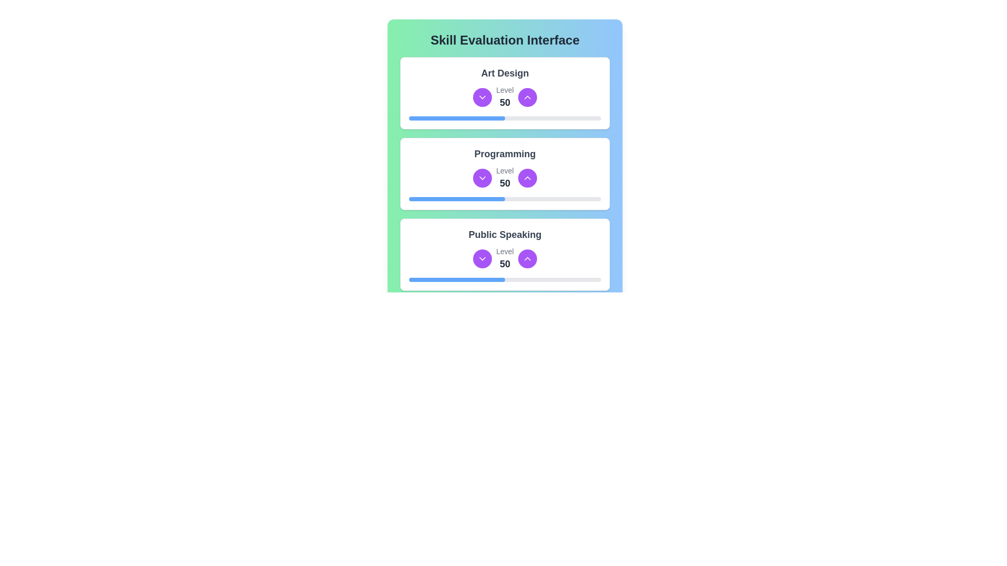 The height and width of the screenshot is (566, 1007). I want to click on the text display component that shows 'Level 50', which is located in the center of the 'Programming' section, between two purple circular buttons with arrow icons, so click(505, 177).